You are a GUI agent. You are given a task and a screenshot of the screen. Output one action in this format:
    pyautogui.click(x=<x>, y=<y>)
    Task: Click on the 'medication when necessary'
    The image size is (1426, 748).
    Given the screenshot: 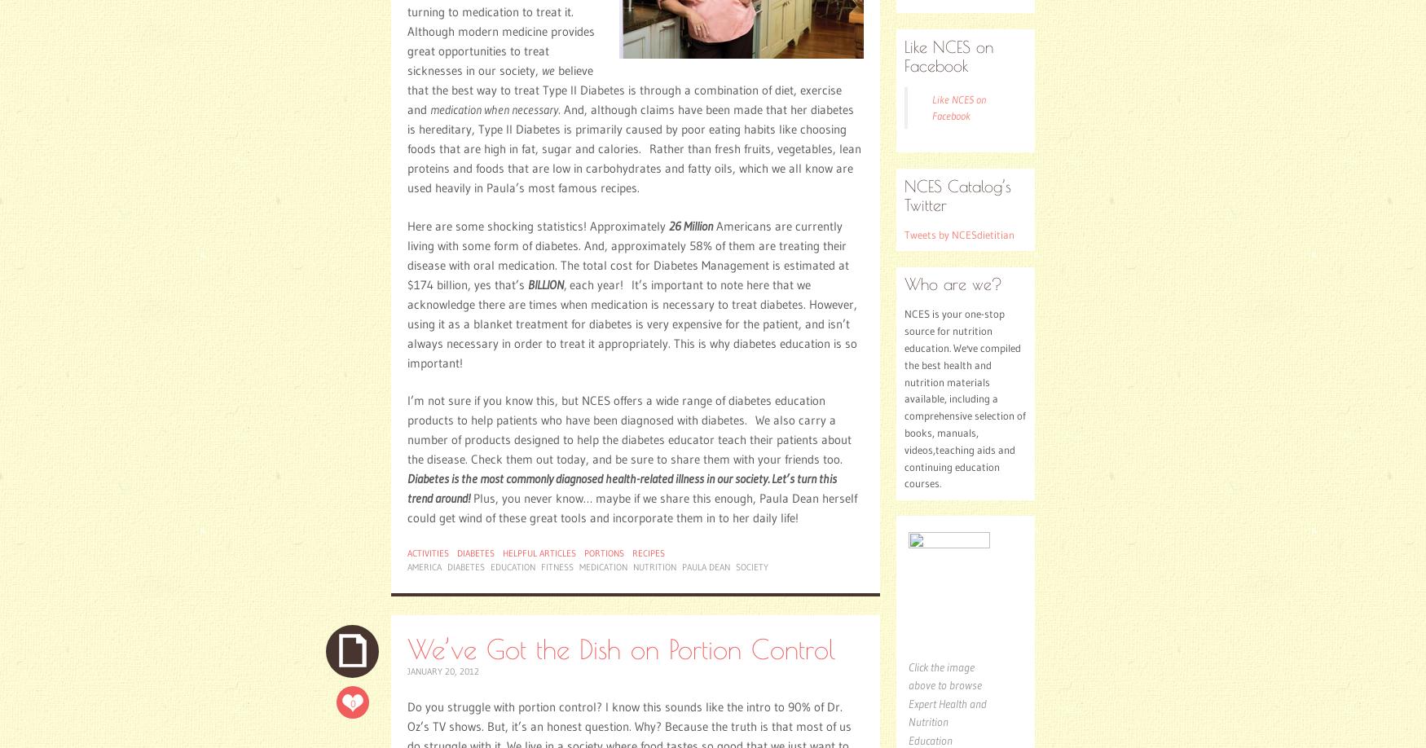 What is the action you would take?
    pyautogui.click(x=494, y=108)
    